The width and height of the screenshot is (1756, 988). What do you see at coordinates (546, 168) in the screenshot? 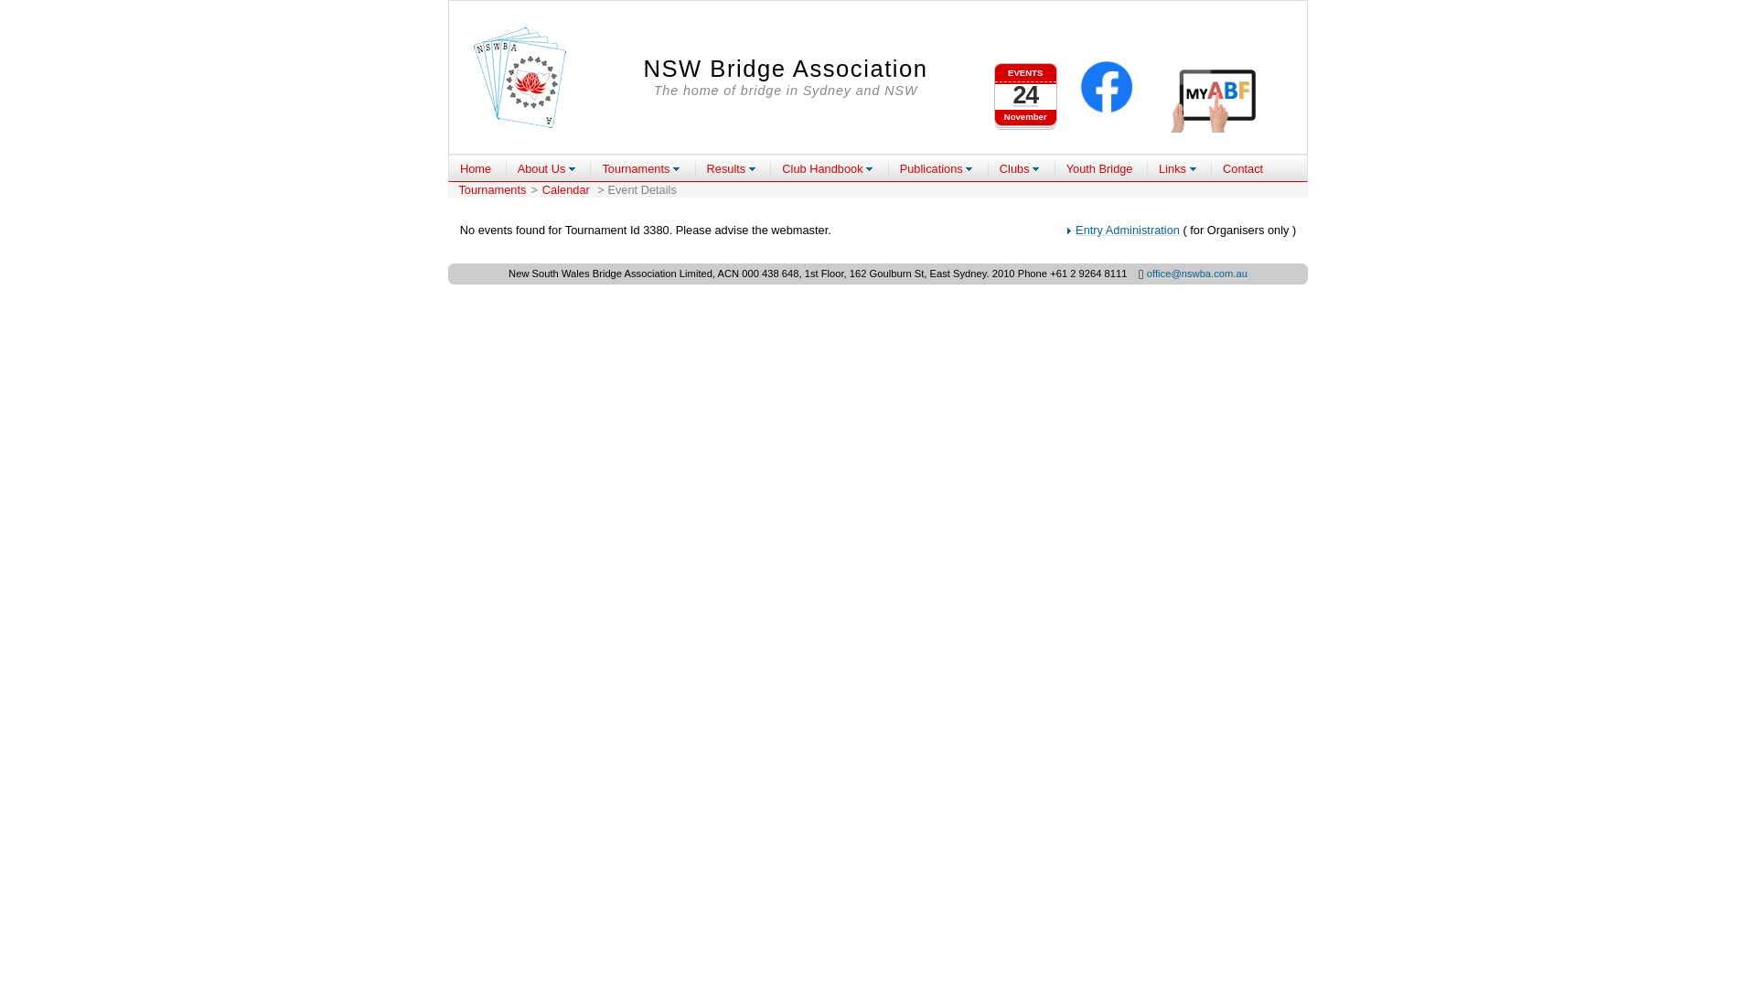
I see `'About Us'` at bounding box center [546, 168].